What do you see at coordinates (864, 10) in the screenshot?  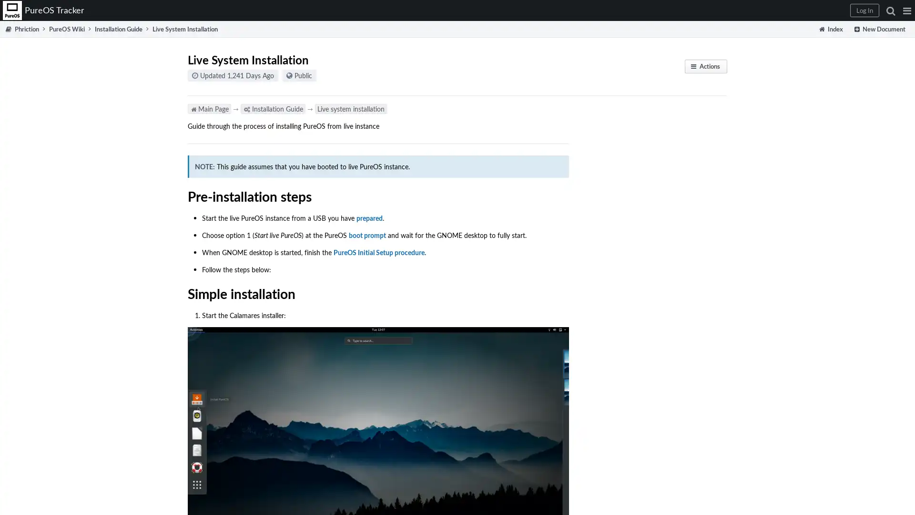 I see `Log In` at bounding box center [864, 10].